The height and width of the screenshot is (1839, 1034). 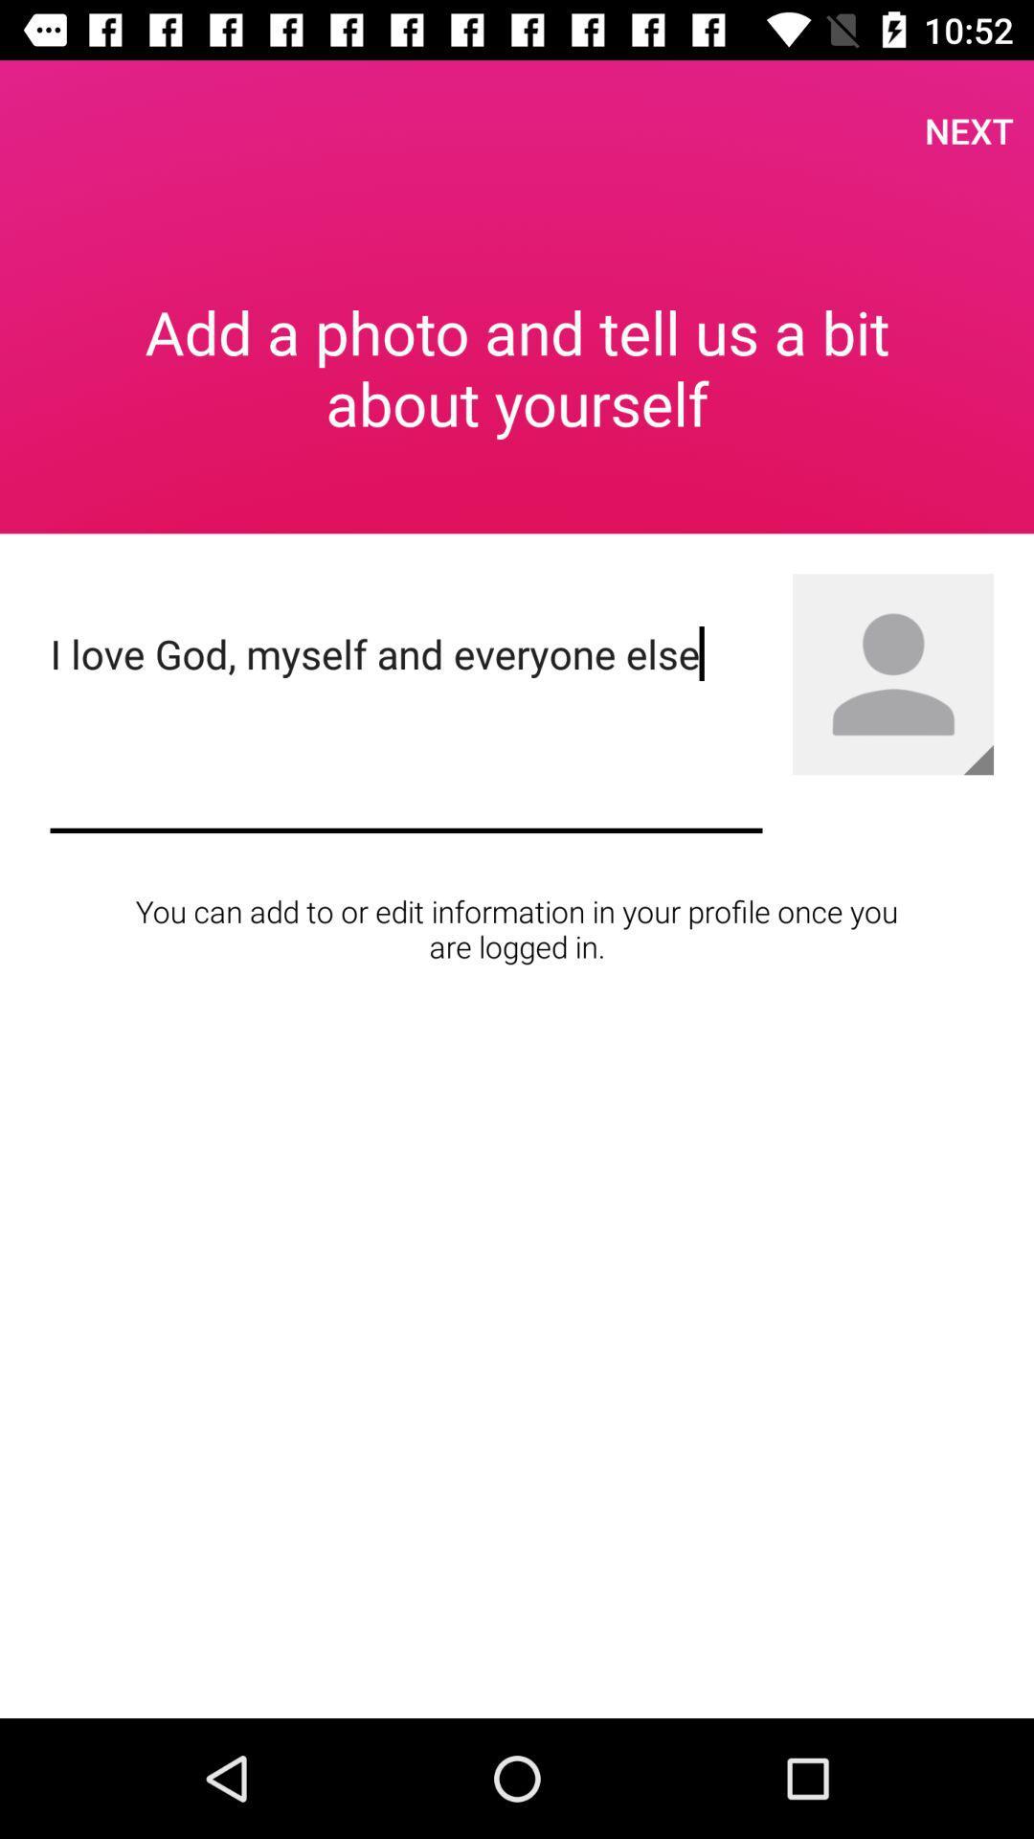 I want to click on change profile pic, so click(x=978, y=759).